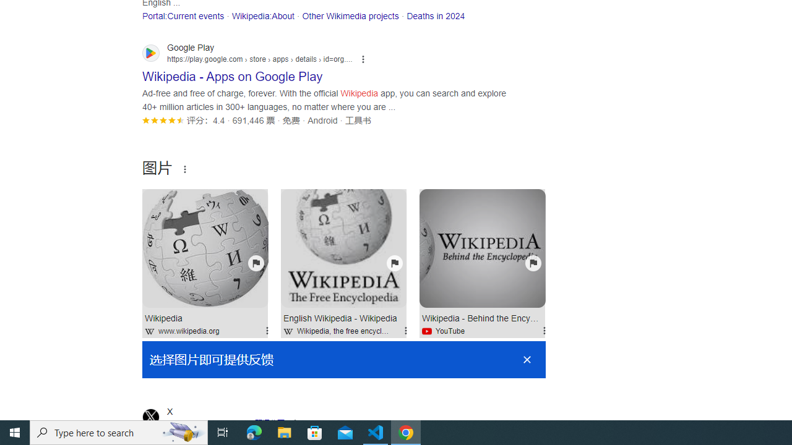 The width and height of the screenshot is (792, 445). Describe the element at coordinates (183, 15) in the screenshot. I see `'Portal:Current events'` at that location.